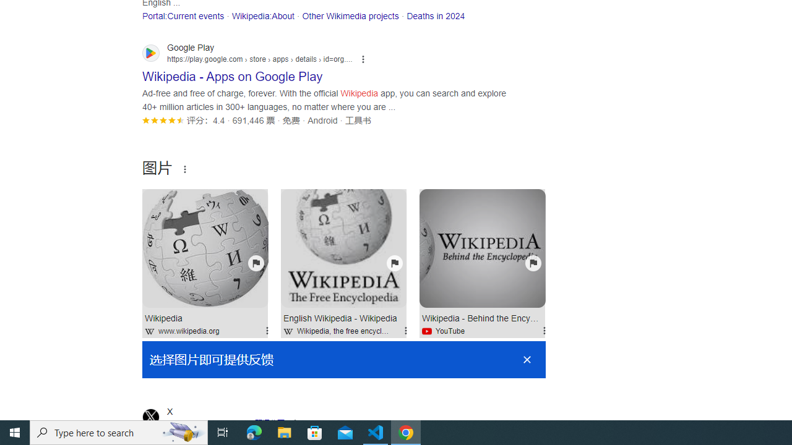 The width and height of the screenshot is (792, 445). Describe the element at coordinates (183, 15) in the screenshot. I see `'Portal:Current events'` at that location.